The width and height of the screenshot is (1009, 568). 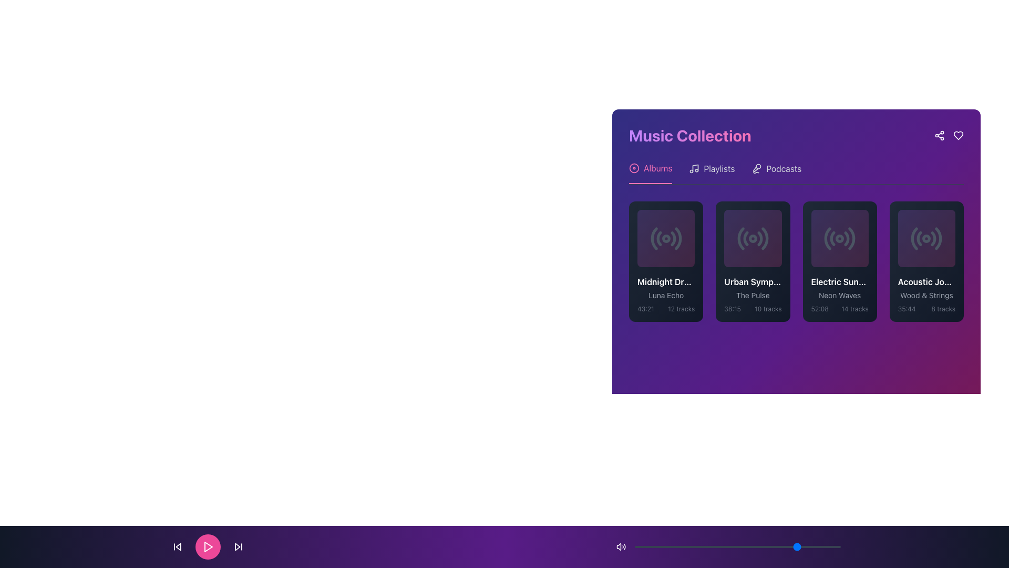 What do you see at coordinates (926, 238) in the screenshot?
I see `the playback button located at the center of the overlay element inside the rightmost card in the 'Music Collection' section to play the media` at bounding box center [926, 238].